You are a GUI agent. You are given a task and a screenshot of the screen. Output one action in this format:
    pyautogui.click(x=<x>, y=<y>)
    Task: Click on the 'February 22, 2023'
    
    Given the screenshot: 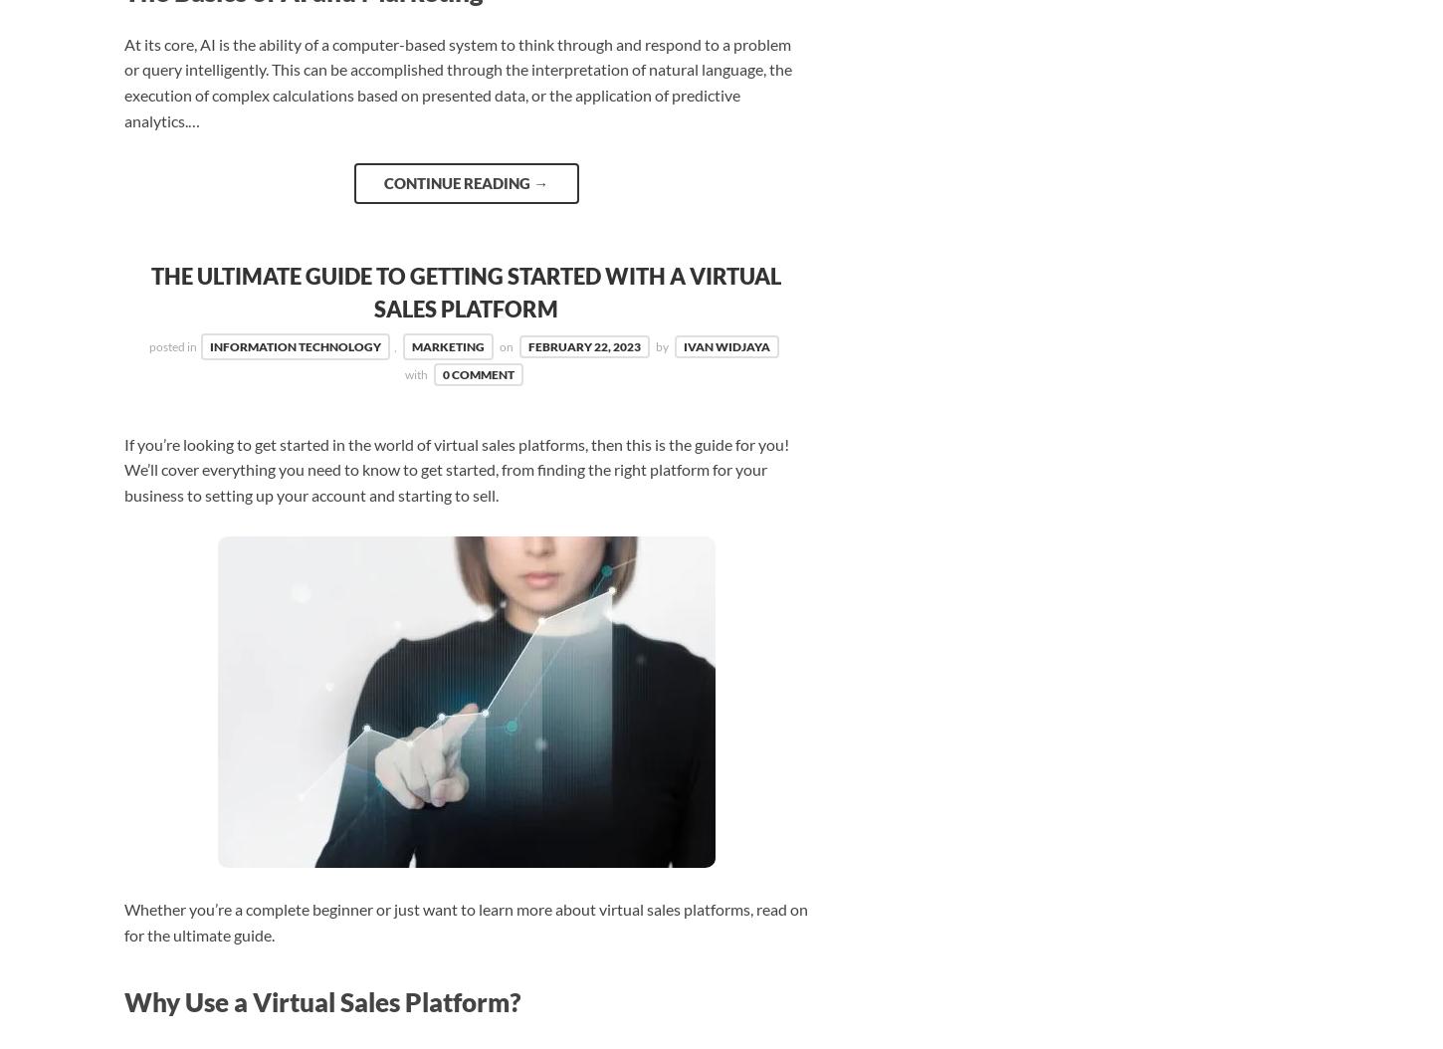 What is the action you would take?
    pyautogui.click(x=584, y=346)
    